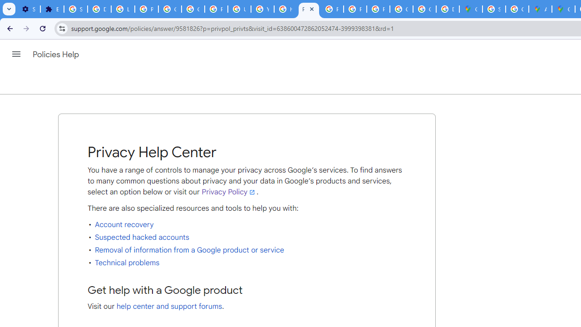 This screenshot has height=327, width=581. What do you see at coordinates (262, 9) in the screenshot?
I see `'YouTube'` at bounding box center [262, 9].